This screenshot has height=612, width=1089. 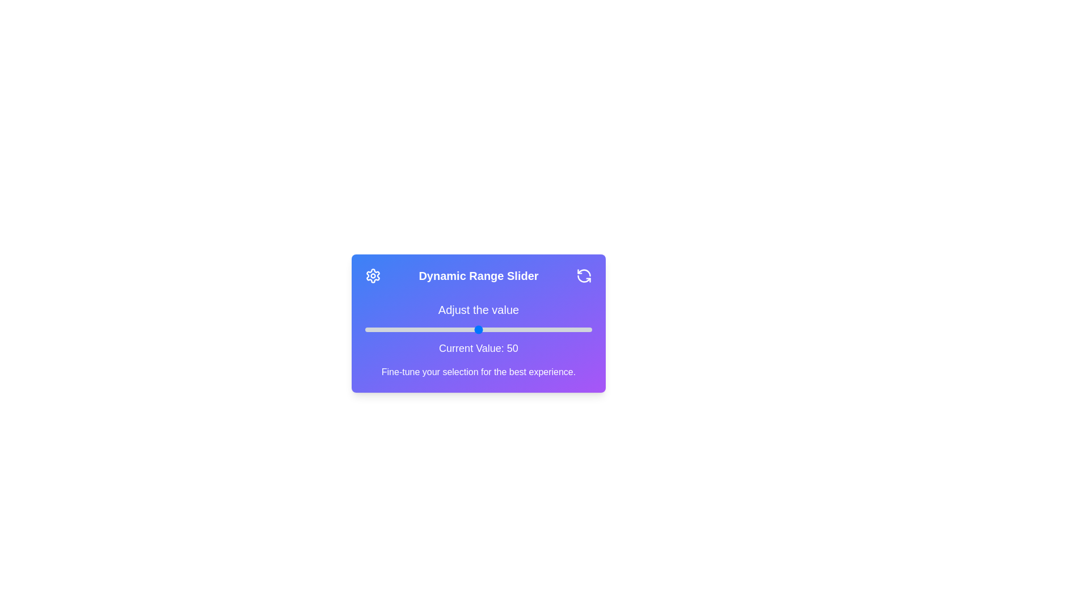 I want to click on the settings icon, so click(x=373, y=275).